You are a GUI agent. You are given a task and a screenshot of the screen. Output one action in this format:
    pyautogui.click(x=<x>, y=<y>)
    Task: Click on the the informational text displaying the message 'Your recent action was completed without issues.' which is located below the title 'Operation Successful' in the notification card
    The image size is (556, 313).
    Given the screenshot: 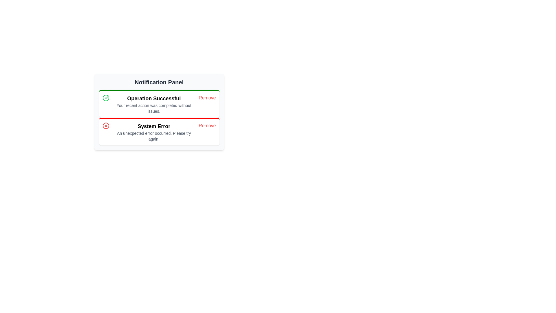 What is the action you would take?
    pyautogui.click(x=154, y=108)
    